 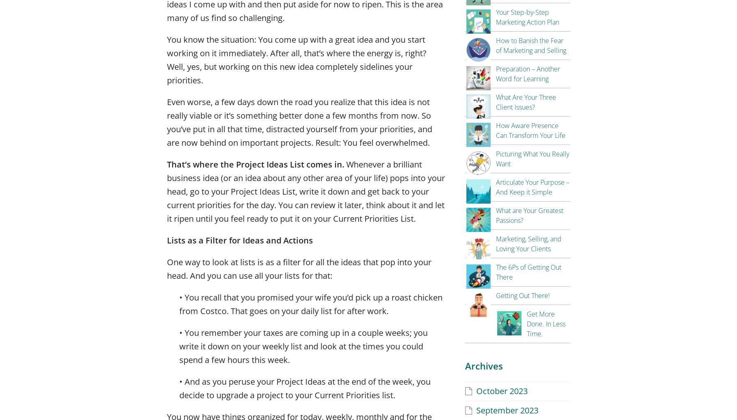 What do you see at coordinates (528, 17) in the screenshot?
I see `'Your Step-by-Step Marketing Action Plan'` at bounding box center [528, 17].